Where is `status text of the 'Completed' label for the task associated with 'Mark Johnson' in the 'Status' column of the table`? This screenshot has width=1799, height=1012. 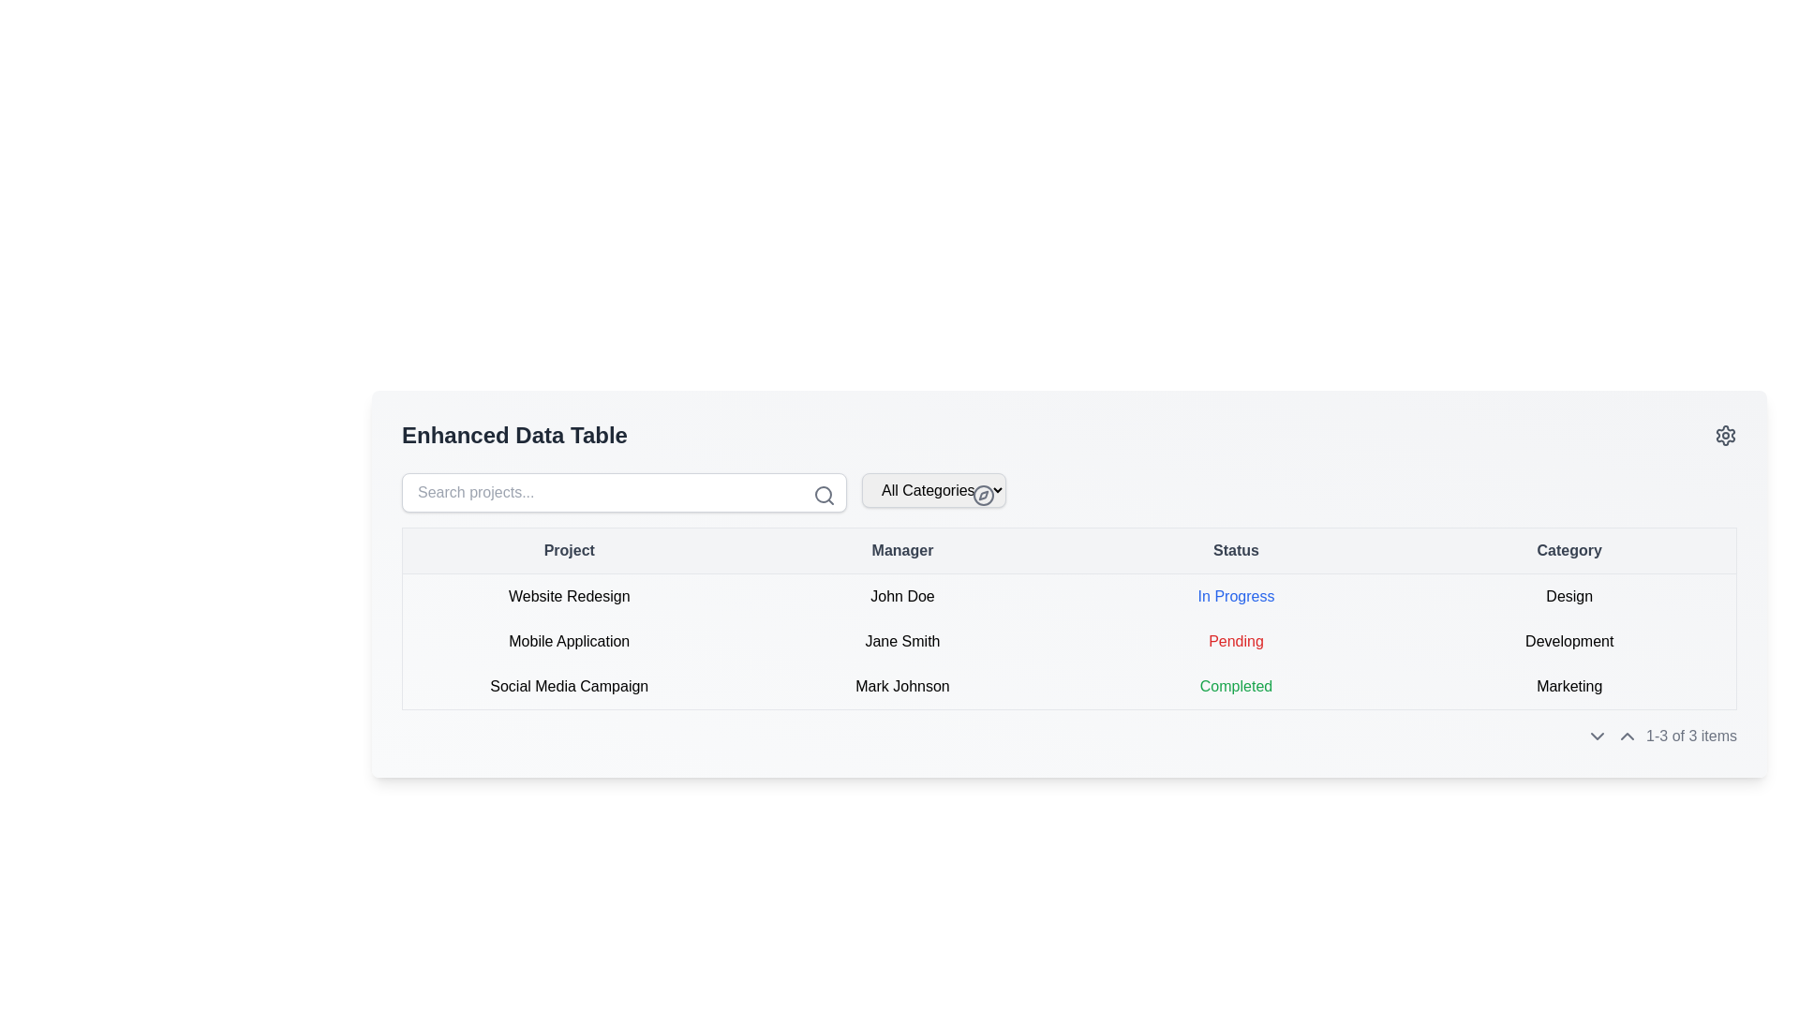
status text of the 'Completed' label for the task associated with 'Mark Johnson' in the 'Status' column of the table is located at coordinates (1236, 686).